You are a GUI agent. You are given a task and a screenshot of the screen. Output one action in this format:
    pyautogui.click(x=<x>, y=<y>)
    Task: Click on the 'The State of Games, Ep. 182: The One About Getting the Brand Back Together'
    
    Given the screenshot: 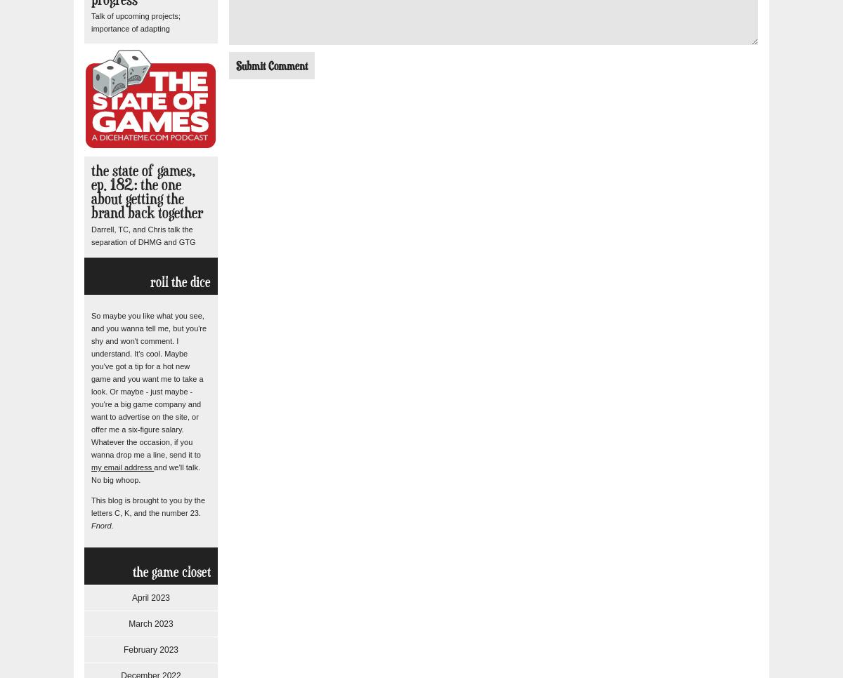 What is the action you would take?
    pyautogui.click(x=146, y=191)
    